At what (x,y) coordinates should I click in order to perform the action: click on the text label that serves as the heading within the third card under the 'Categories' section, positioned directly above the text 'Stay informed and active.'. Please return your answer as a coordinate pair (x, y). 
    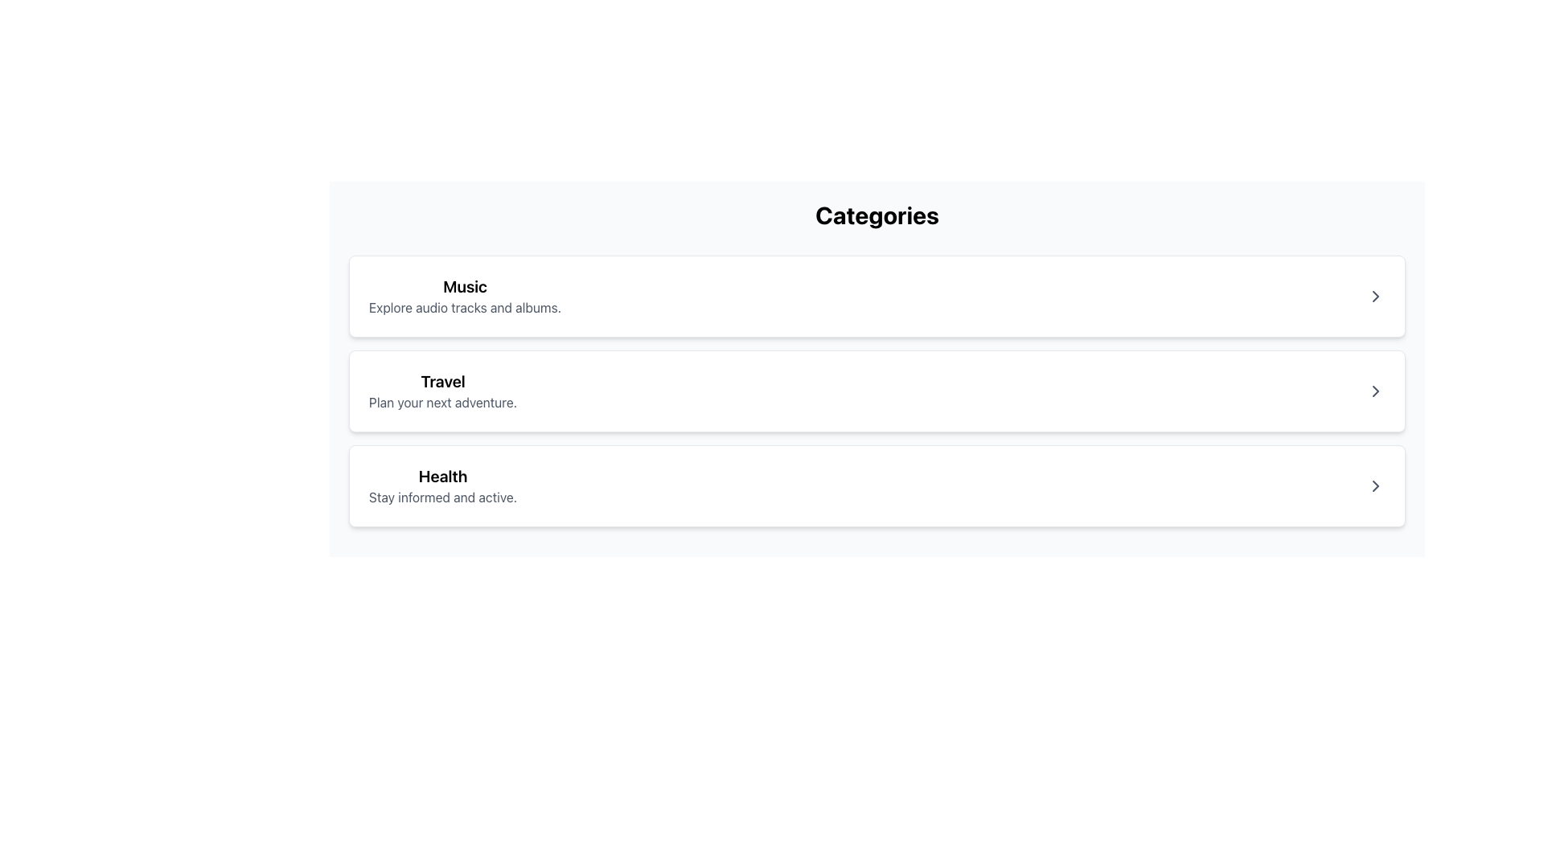
    Looking at the image, I should click on (443, 476).